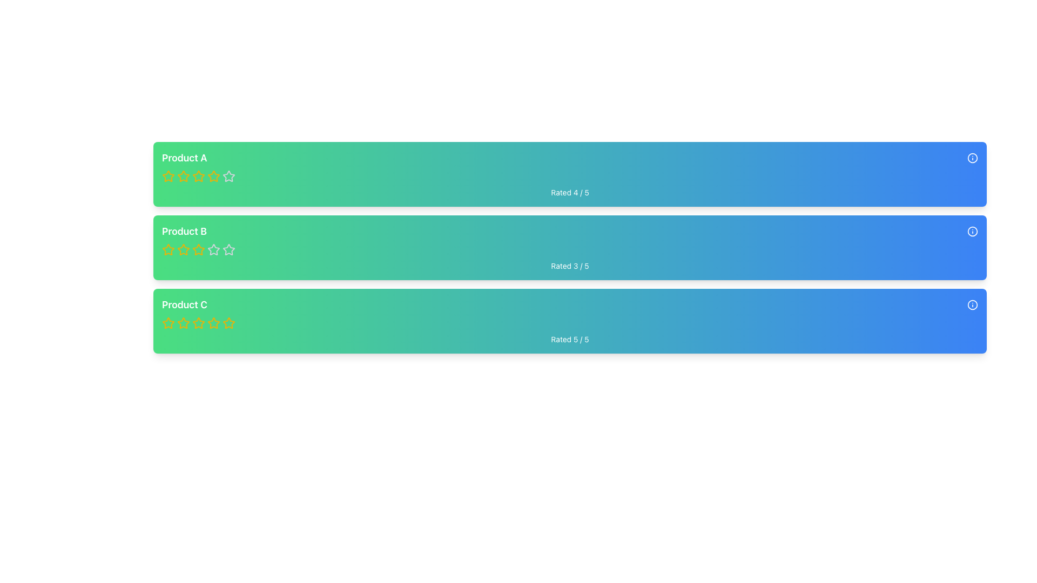 The height and width of the screenshot is (583, 1037). Describe the element at coordinates (184, 231) in the screenshot. I see `the text label that identifies the second product entry in a vertically stacked list of product entries` at that location.